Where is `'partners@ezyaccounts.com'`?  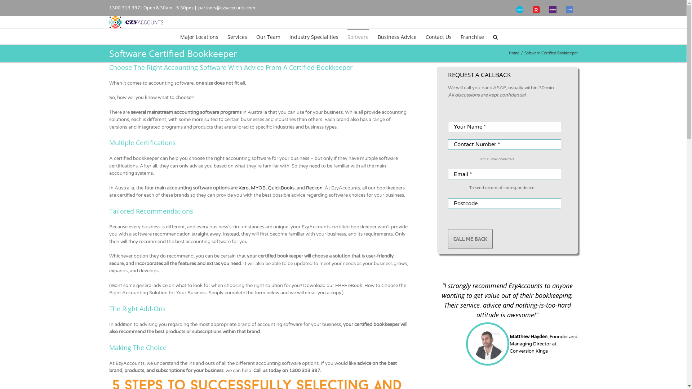 'partners@ezyaccounts.com' is located at coordinates (226, 8).